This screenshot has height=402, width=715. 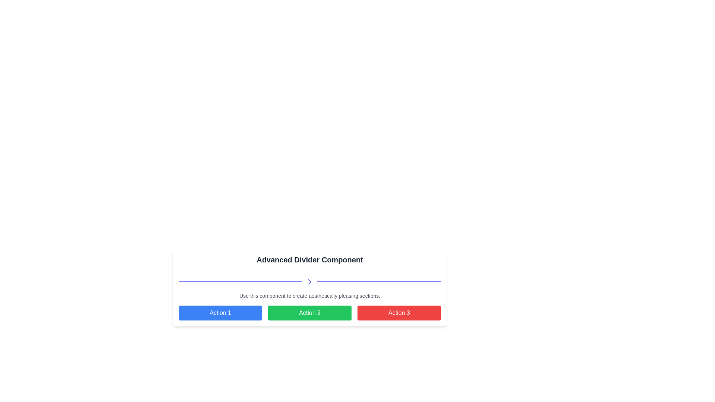 I want to click on the horizontal divider with a chevron icon located below the heading 'Advanced Divider Component' and above the text 'Use this component to create aesthetically pleasing sections.', so click(x=309, y=281).